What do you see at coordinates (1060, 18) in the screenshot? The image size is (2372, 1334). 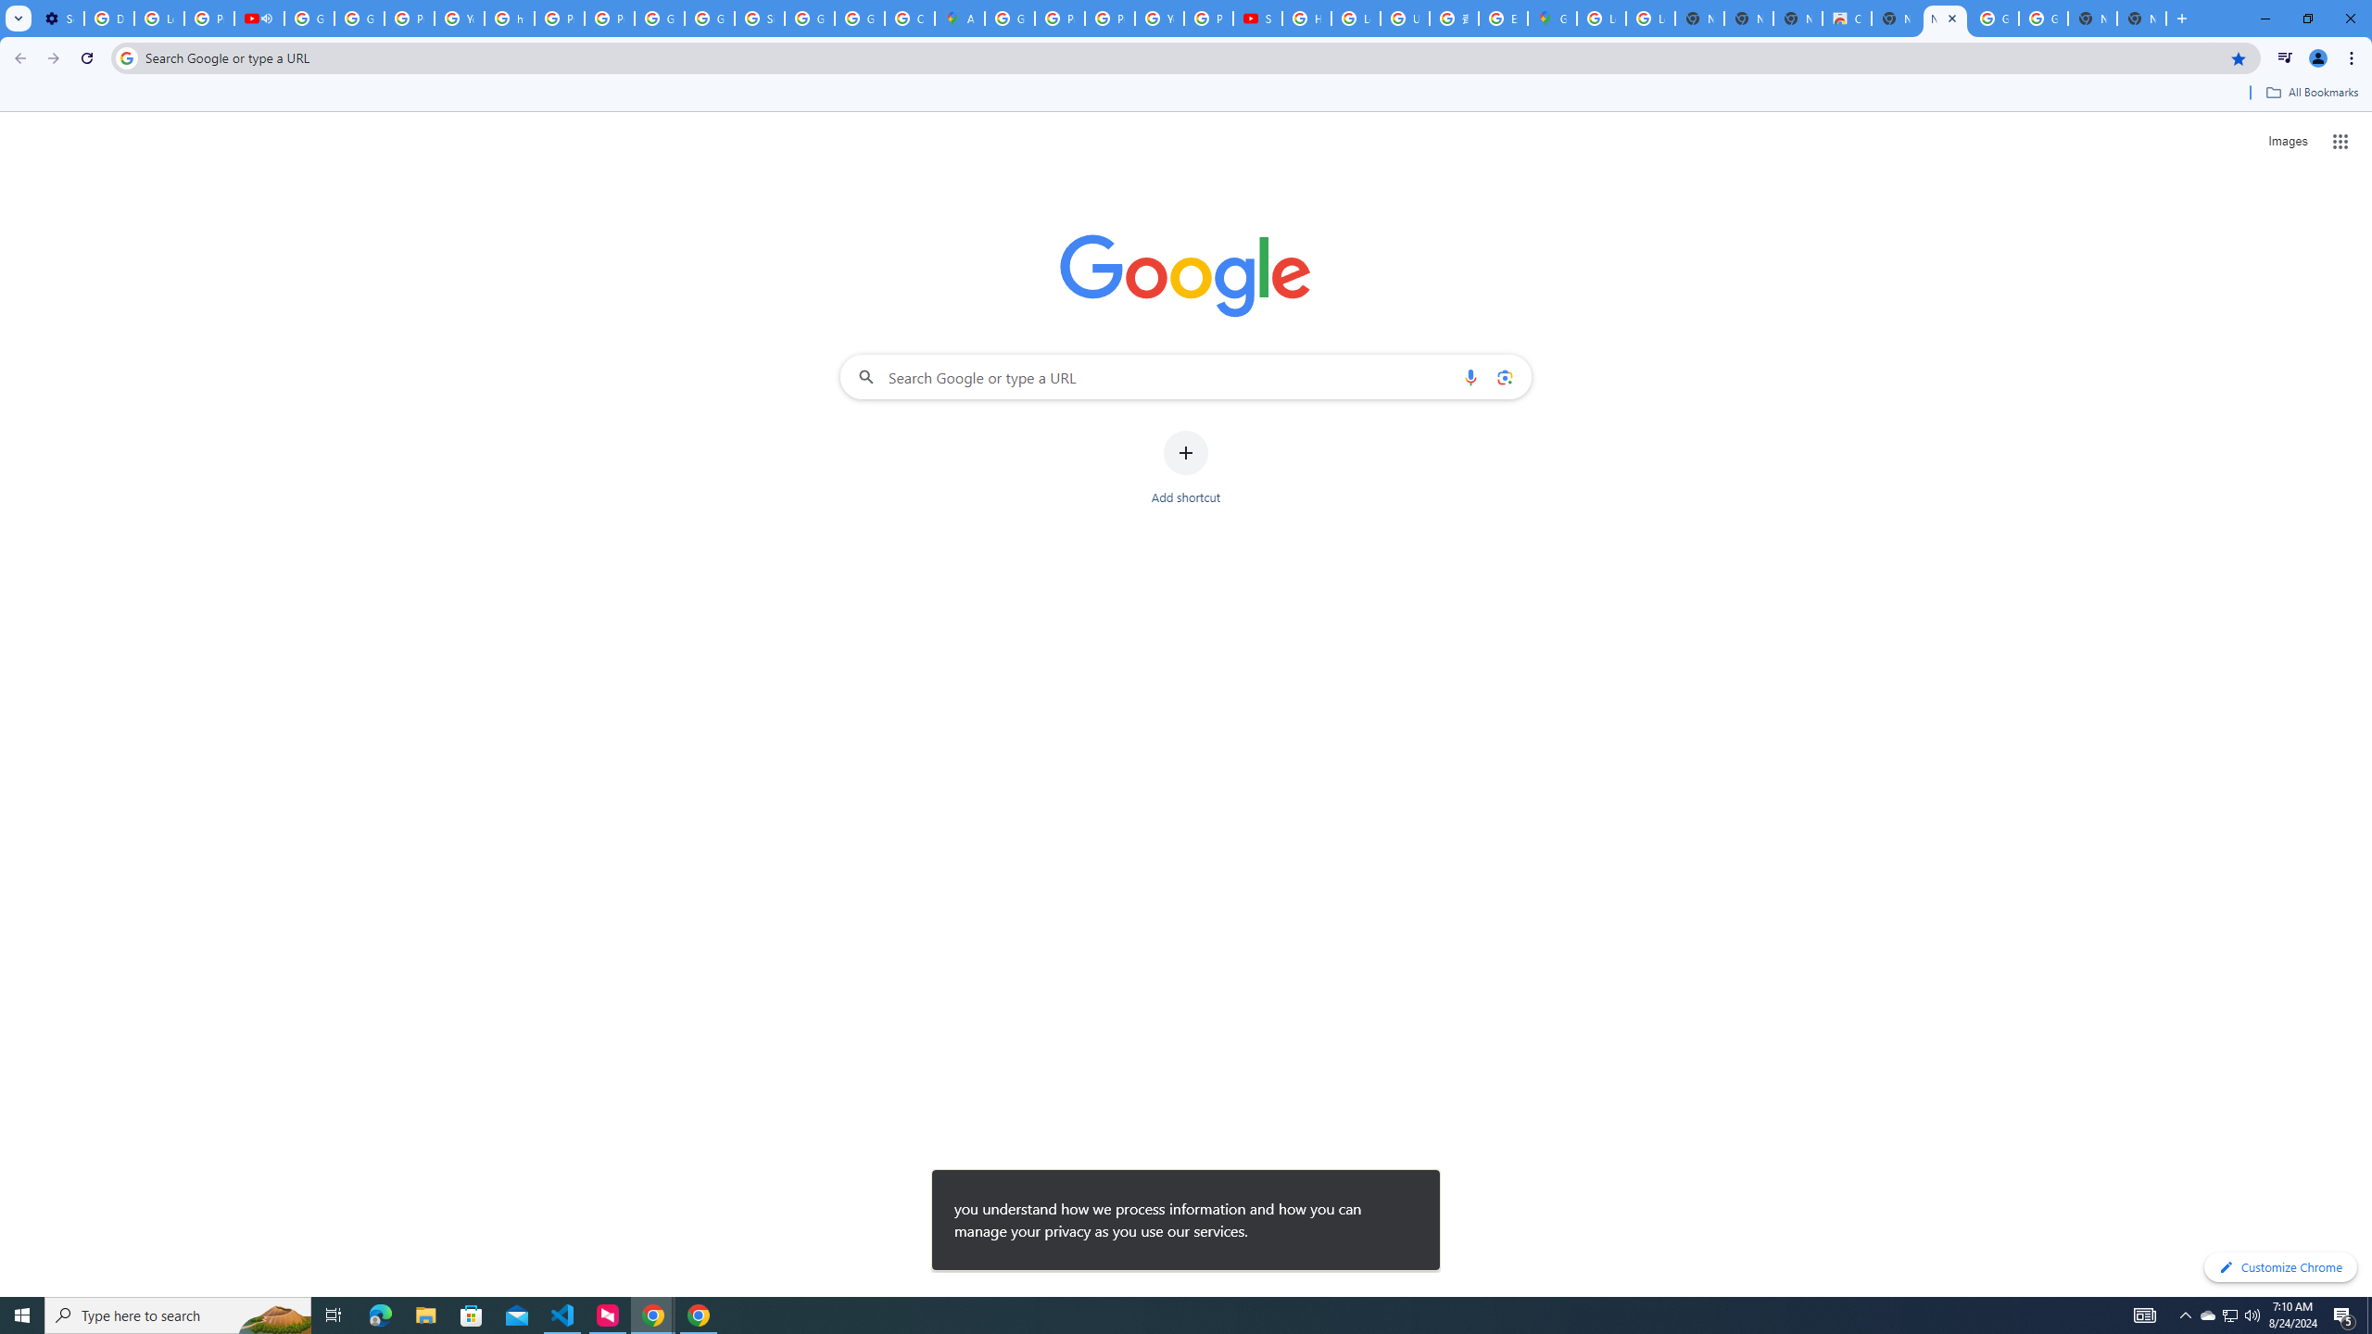 I see `'Privacy Help Center - Policies Help'` at bounding box center [1060, 18].